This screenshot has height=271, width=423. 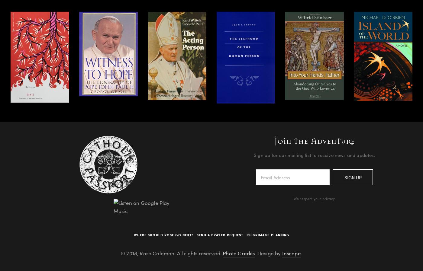 I want to click on 'Pilgrimage Planning', so click(x=247, y=234).